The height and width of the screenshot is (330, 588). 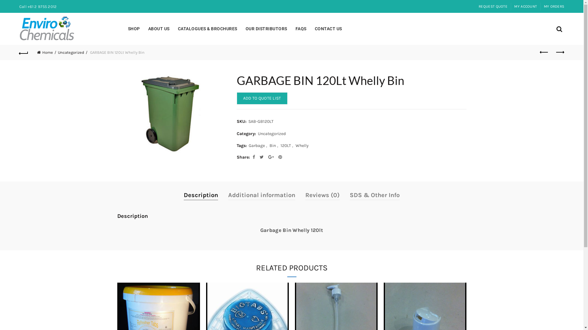 I want to click on 'OUR DISTRIBUTORS', so click(x=266, y=29).